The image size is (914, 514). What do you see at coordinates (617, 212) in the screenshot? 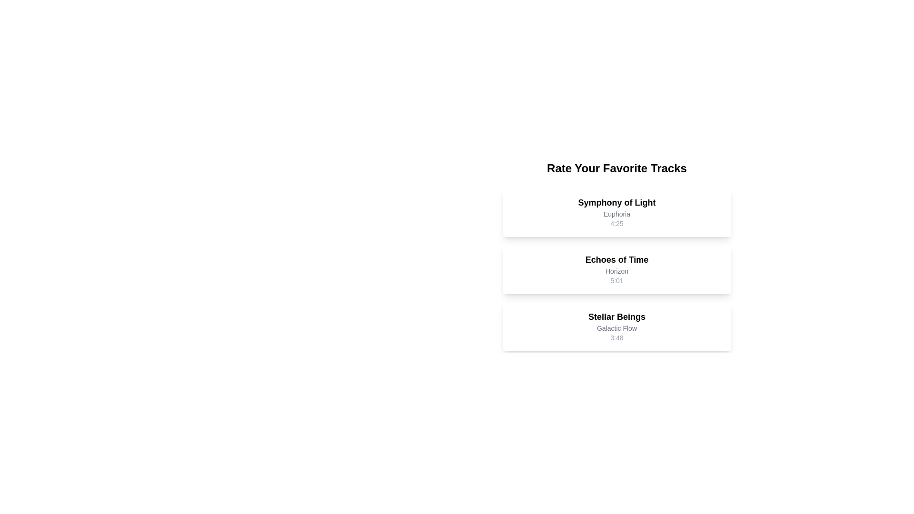
I see `the Informational Card displaying the music track titled 'Symphony of Light' with subtitle 'Euphoria' and duration '4:25', which is the first of three vertically stacked elements in the interface` at bounding box center [617, 212].